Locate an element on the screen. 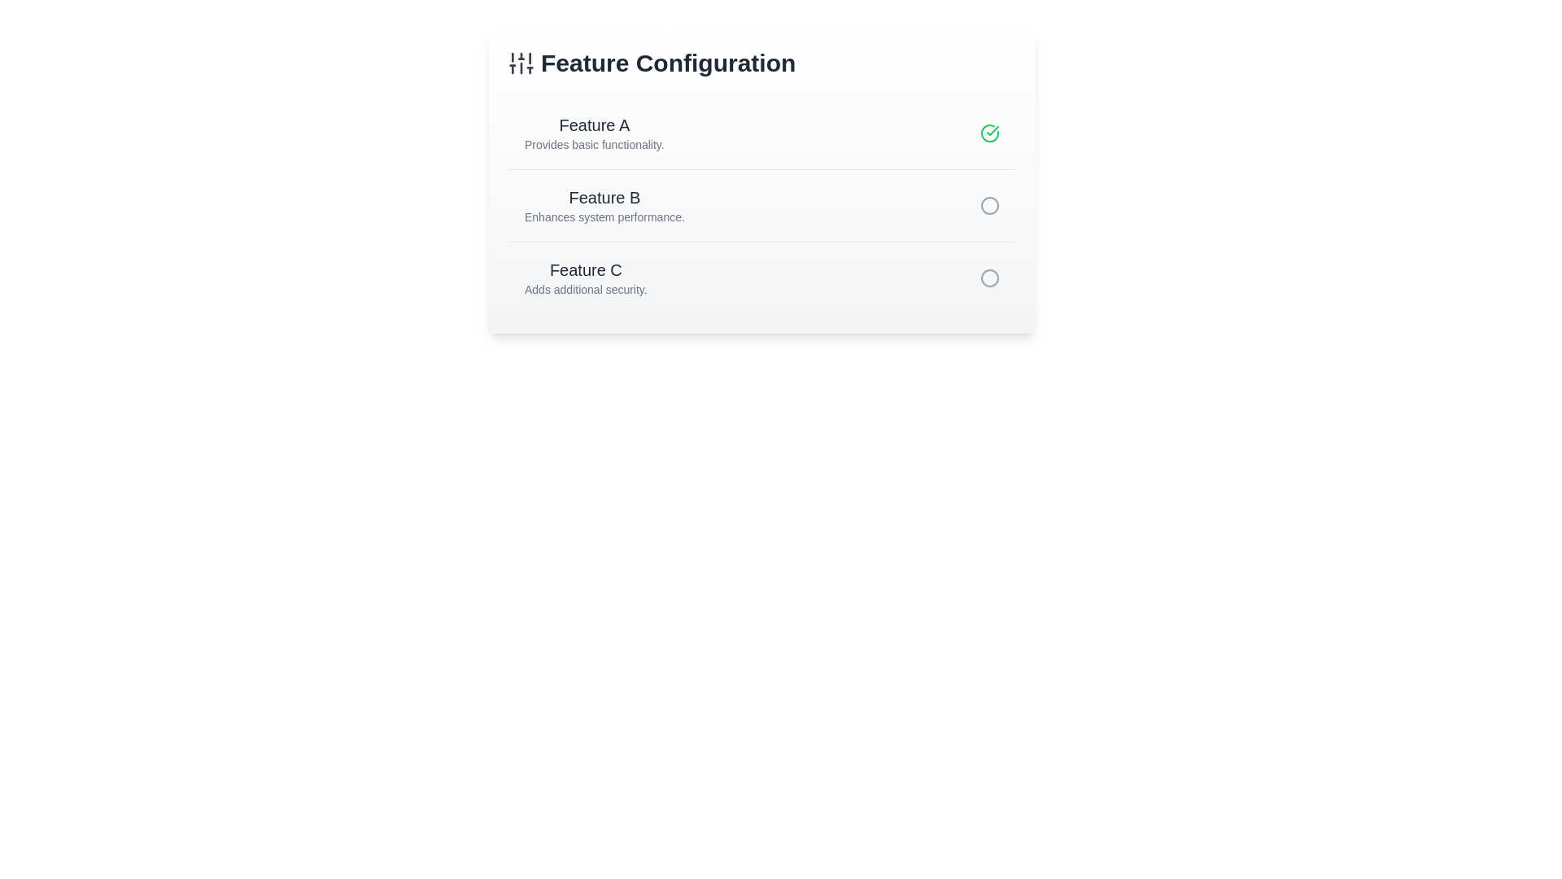  the icon next to the heading to focus on the component's theme is located at coordinates (521, 62).